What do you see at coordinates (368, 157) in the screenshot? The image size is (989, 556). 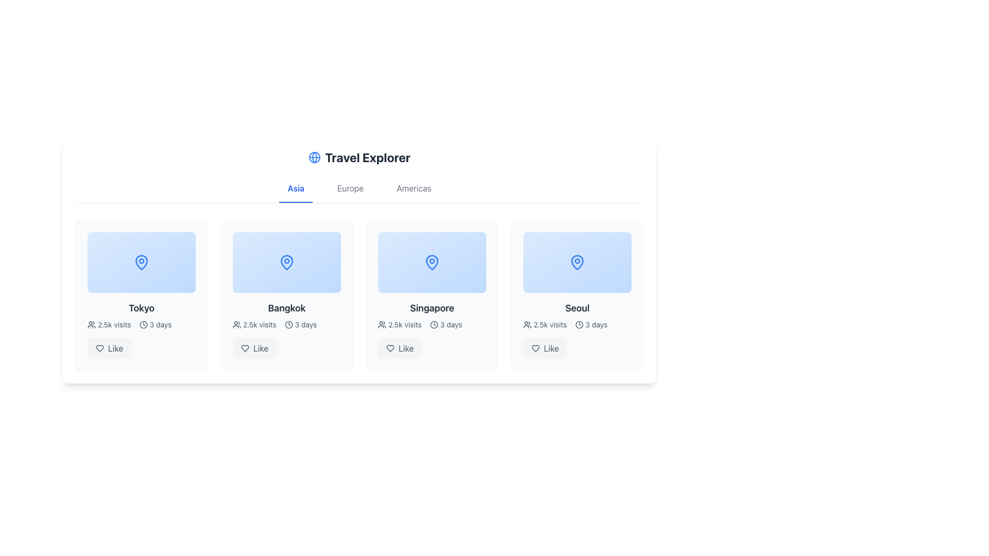 I see `the bold text label that reads 'Travel Explorer', which is styled with a large font size and dark gray color, located at the top of the interface above the navigation menu` at bounding box center [368, 157].